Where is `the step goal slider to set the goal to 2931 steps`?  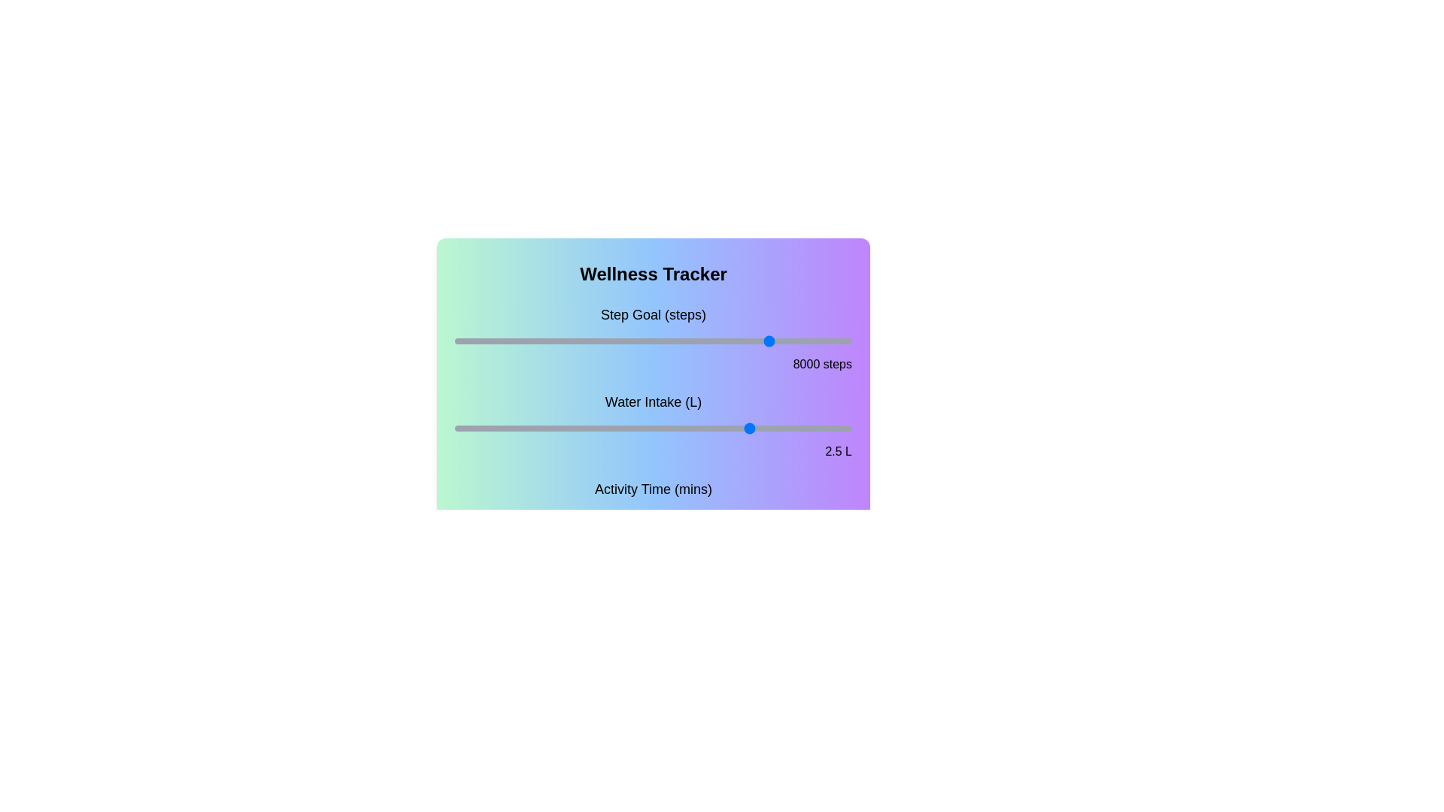
the step goal slider to set the goal to 2931 steps is located at coordinates (570, 341).